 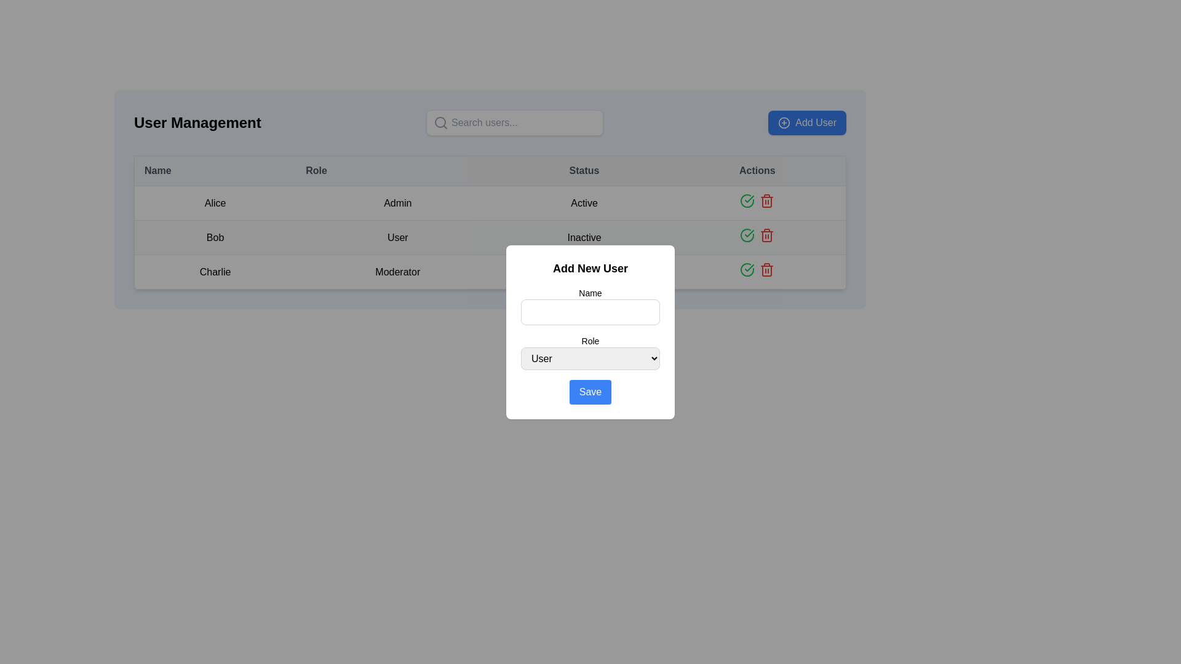 I want to click on the third row in the table that displays details for user 'Charlie', who is a 'Moderator' and marked as 'Active', so click(x=489, y=271).